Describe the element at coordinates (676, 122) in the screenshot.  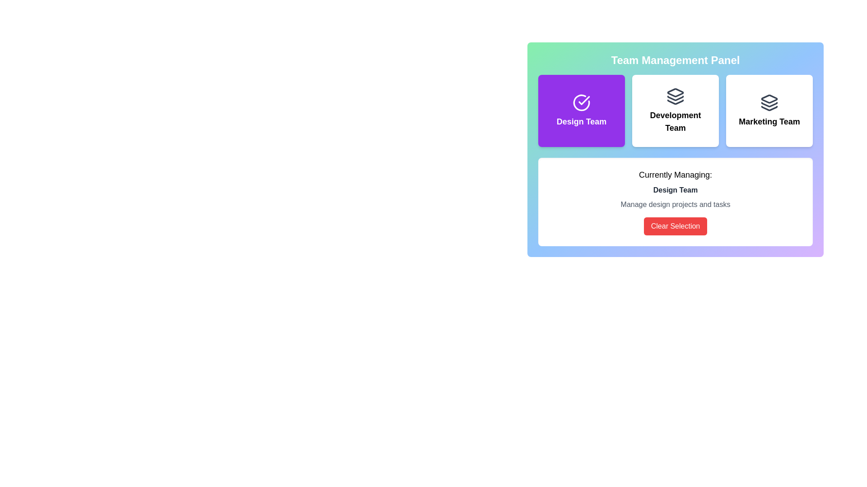
I see `text element that serves as a heading for the Development Team card, which is located at the center of the Team Management Panel section` at that location.